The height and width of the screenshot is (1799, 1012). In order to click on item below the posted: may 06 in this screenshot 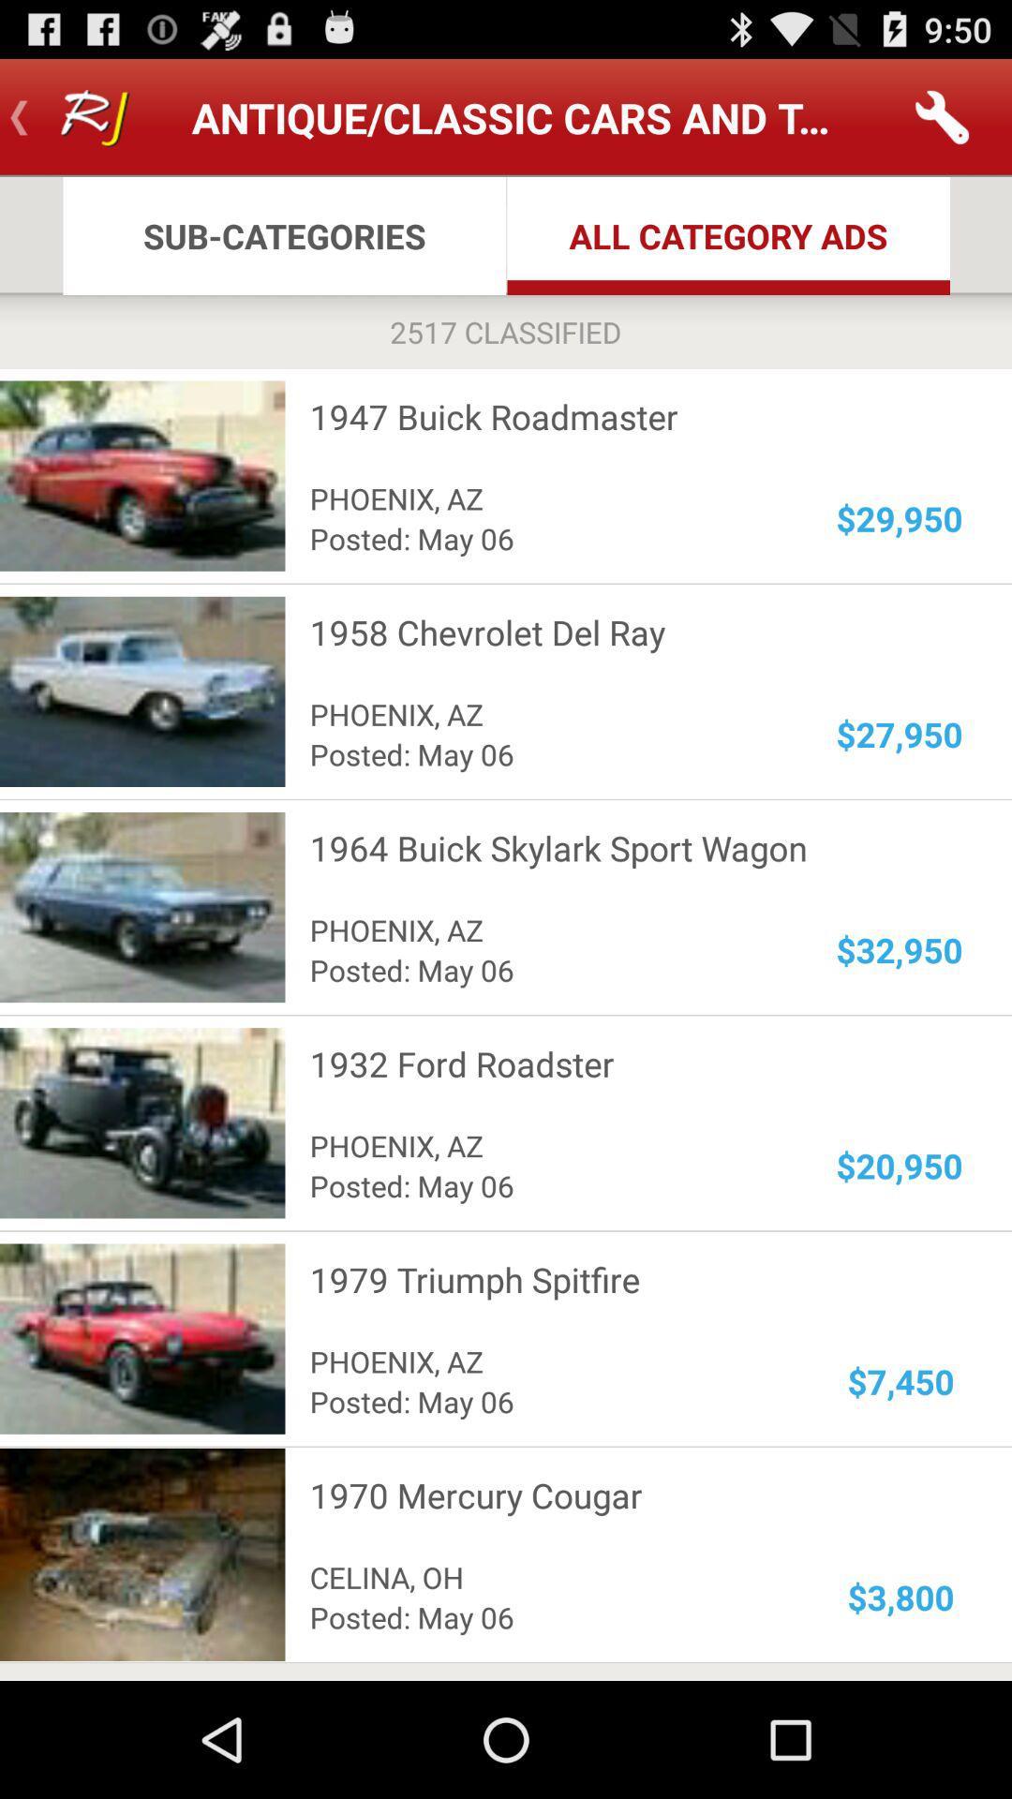, I will do `click(624, 1278)`.